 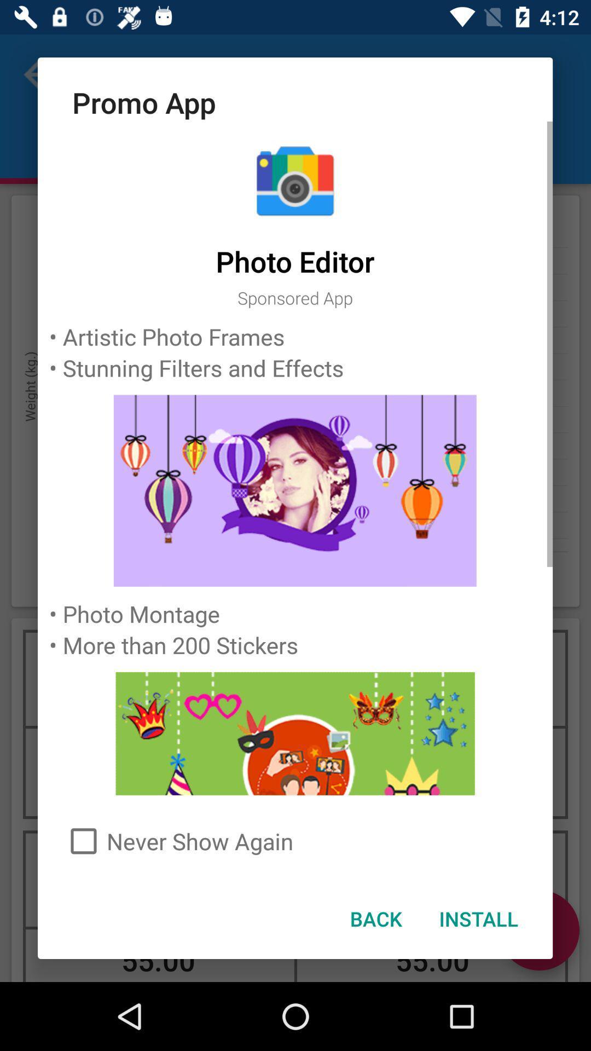 What do you see at coordinates (294, 840) in the screenshot?
I see `the icon above back icon` at bounding box center [294, 840].